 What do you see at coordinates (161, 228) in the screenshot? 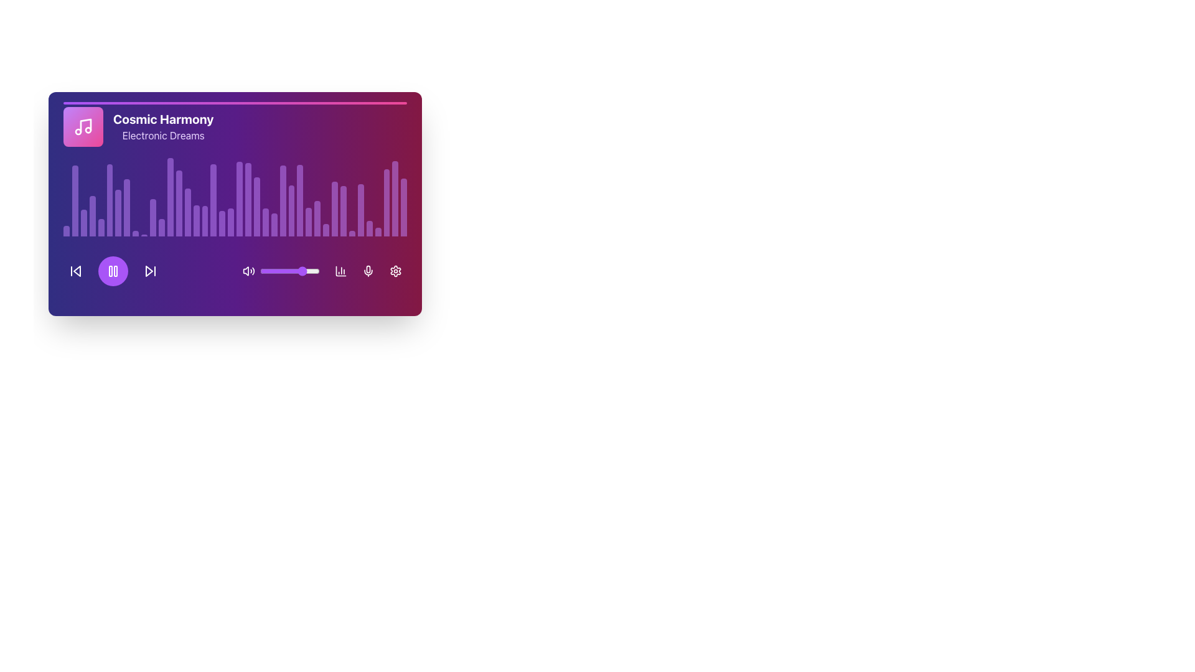
I see `the 12th vertical bar of the audio spectrum visualization, which is a semi-transparent purple bar with a rounded top` at bounding box center [161, 228].